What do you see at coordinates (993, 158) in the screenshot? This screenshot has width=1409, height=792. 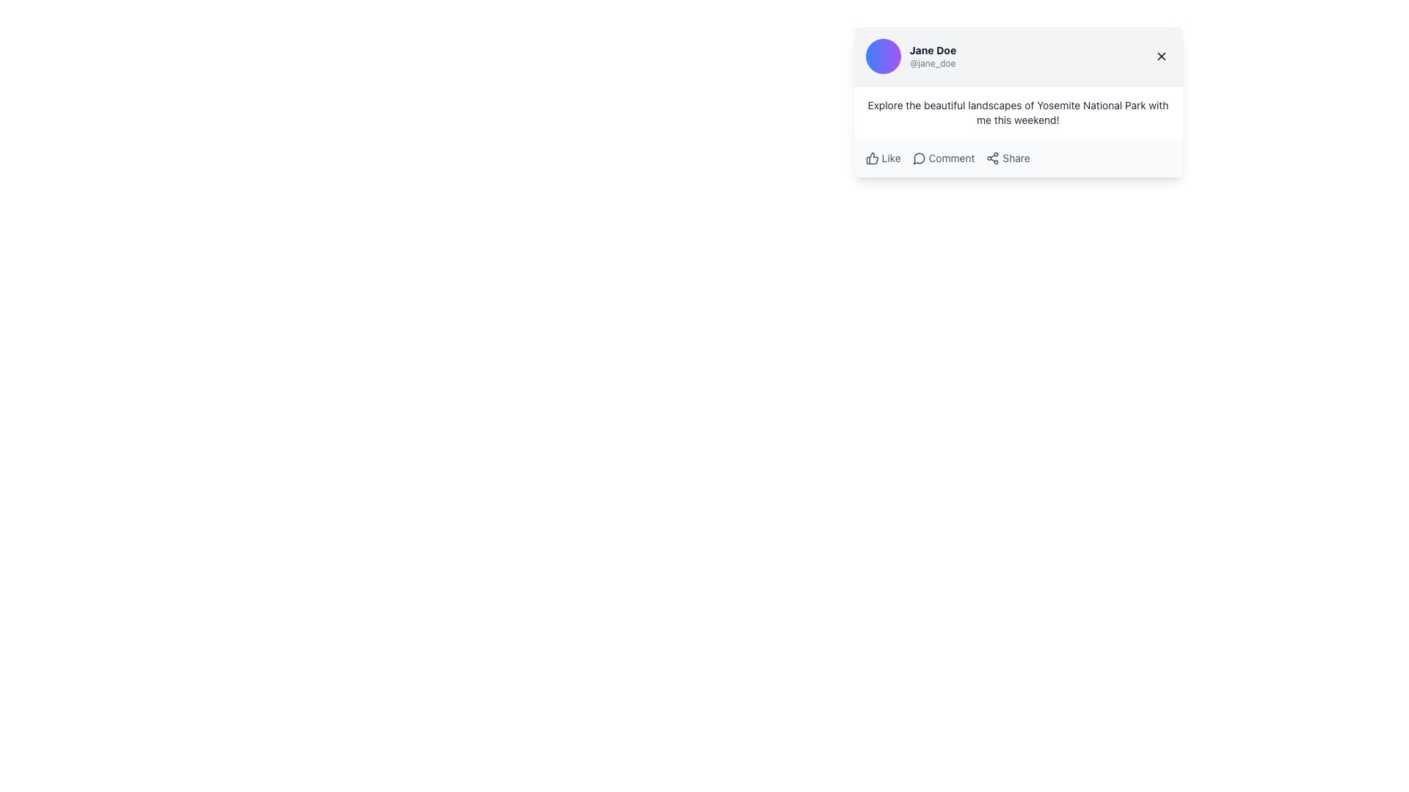 I see `the 'Share' icon located` at bounding box center [993, 158].